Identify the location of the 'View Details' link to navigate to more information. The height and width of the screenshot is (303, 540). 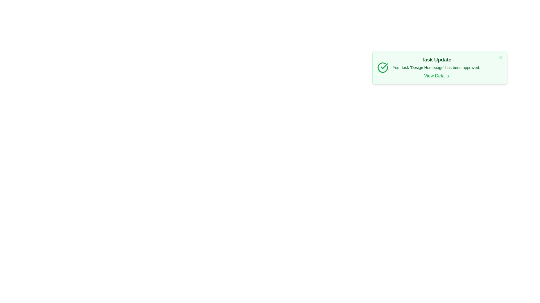
(436, 76).